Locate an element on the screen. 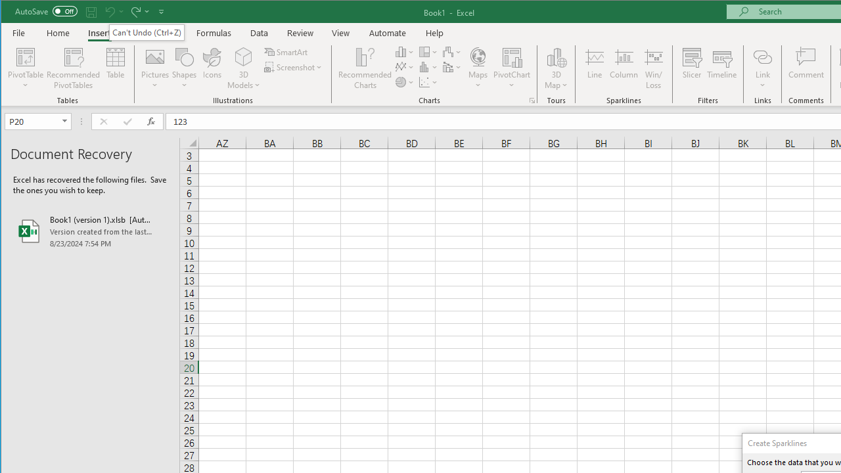 This screenshot has height=473, width=841. 'Link' is located at coordinates (762, 56).